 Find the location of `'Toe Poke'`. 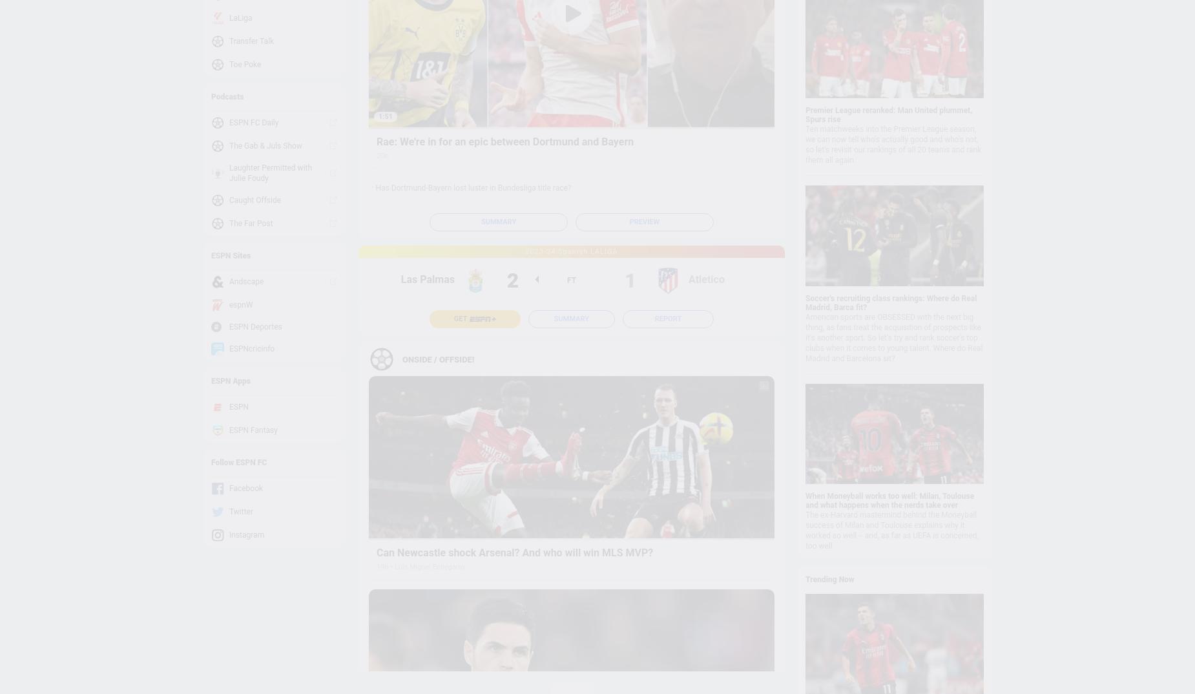

'Toe Poke' is located at coordinates (229, 64).